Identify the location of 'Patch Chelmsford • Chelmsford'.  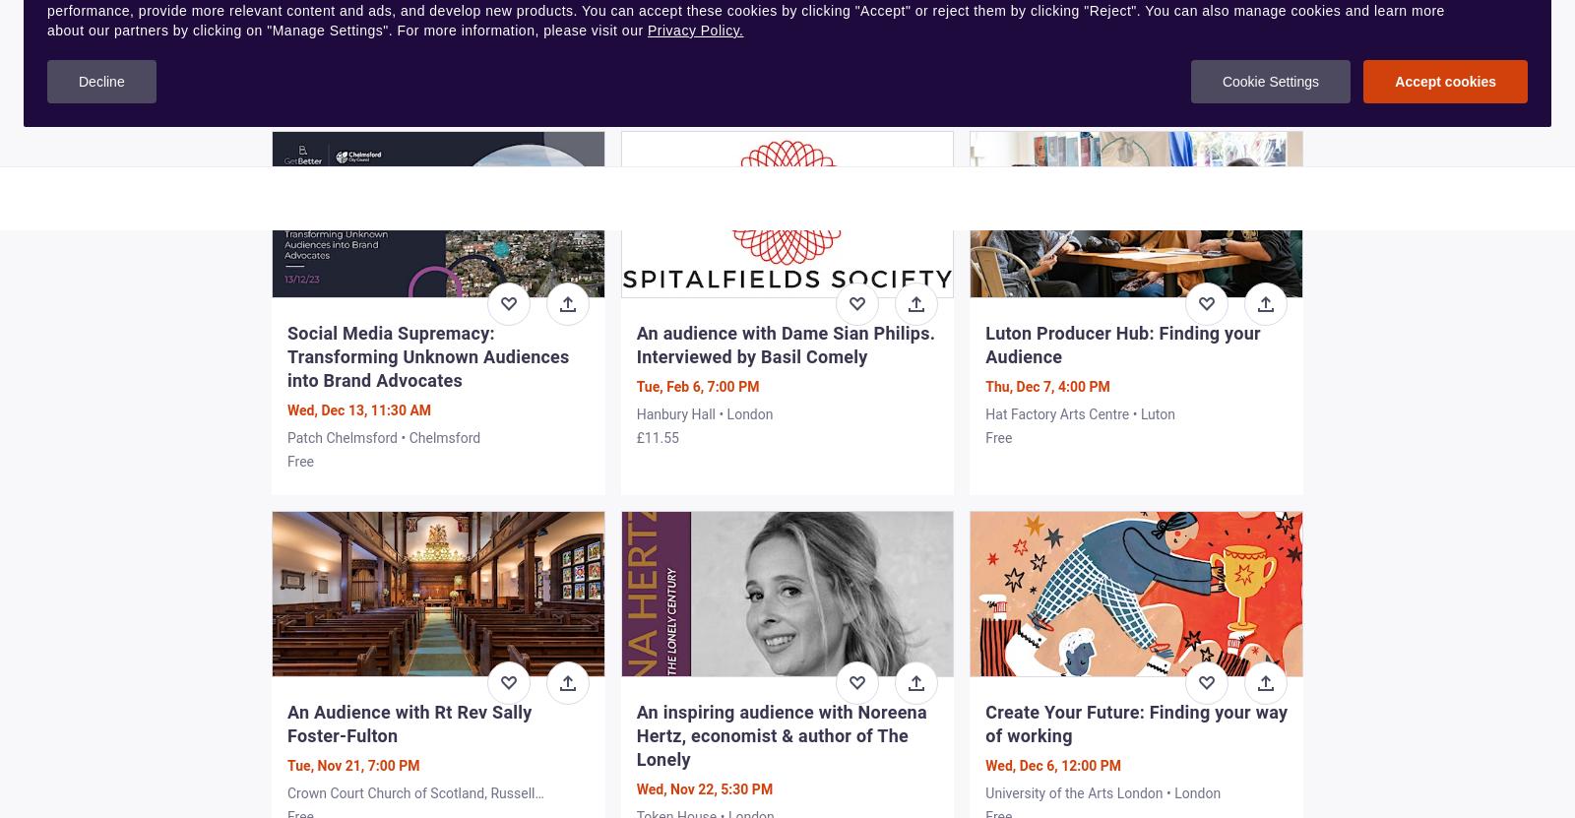
(383, 436).